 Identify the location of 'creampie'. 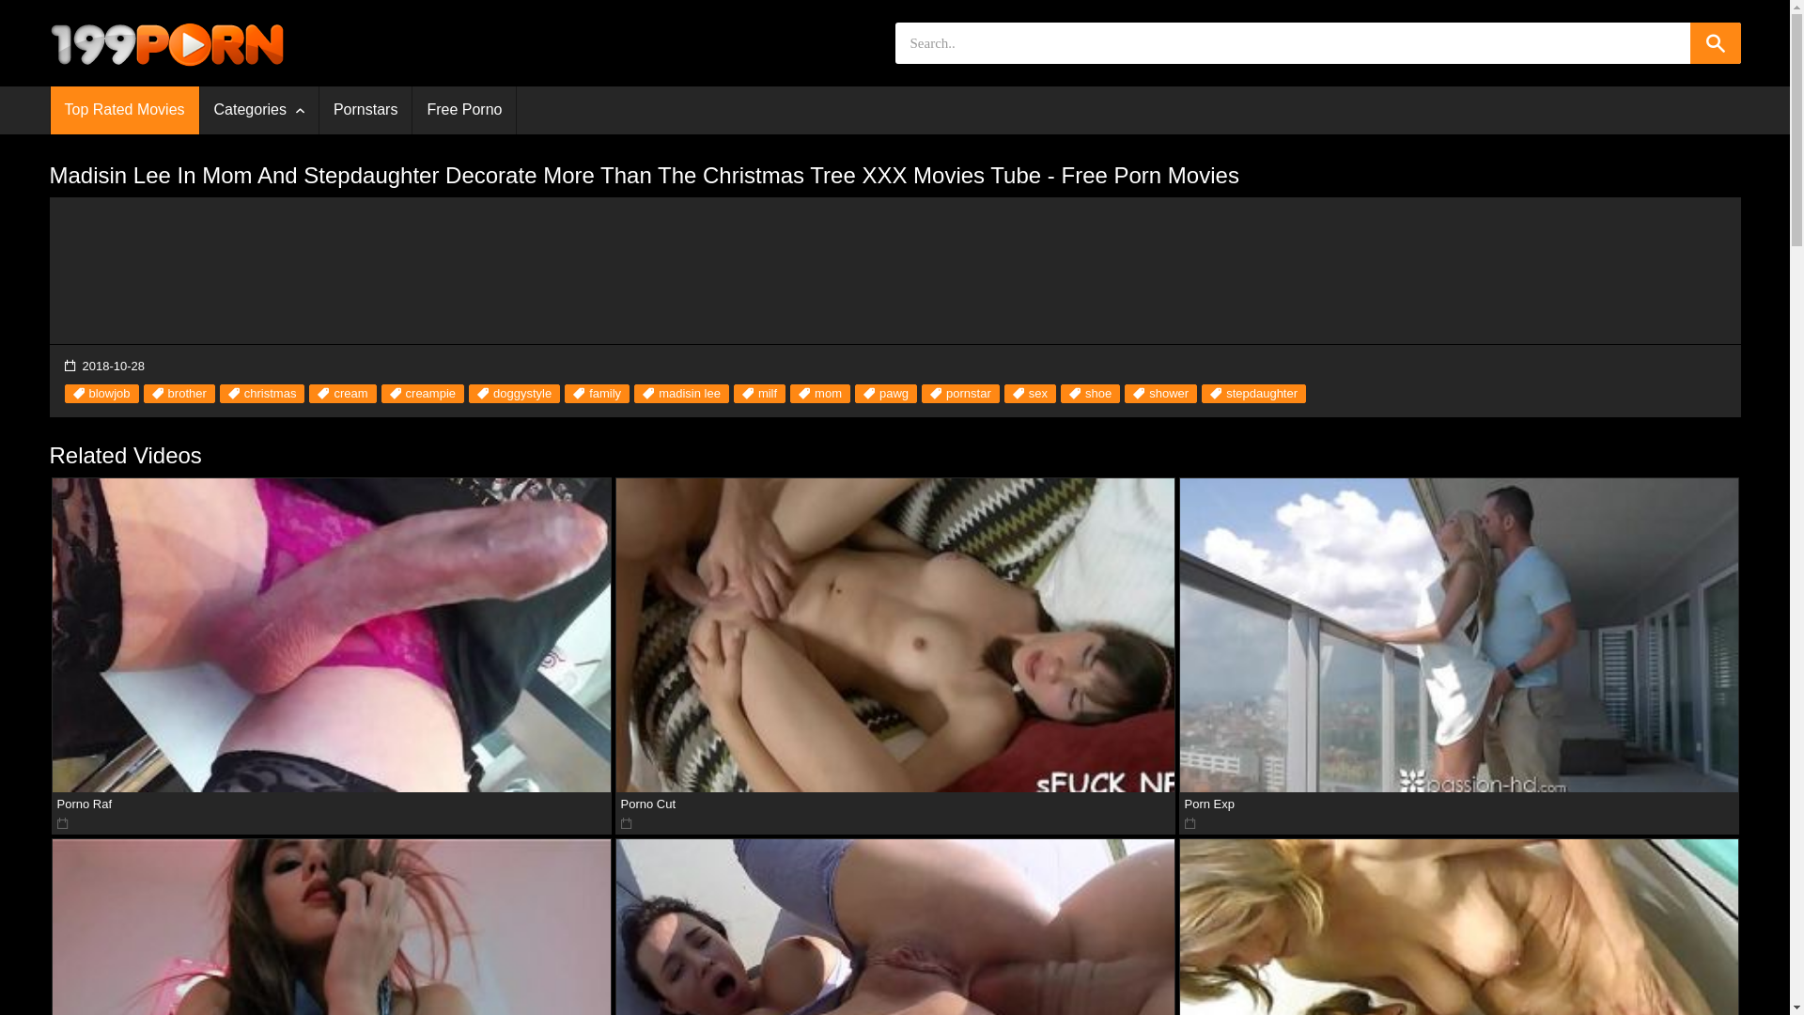
(422, 393).